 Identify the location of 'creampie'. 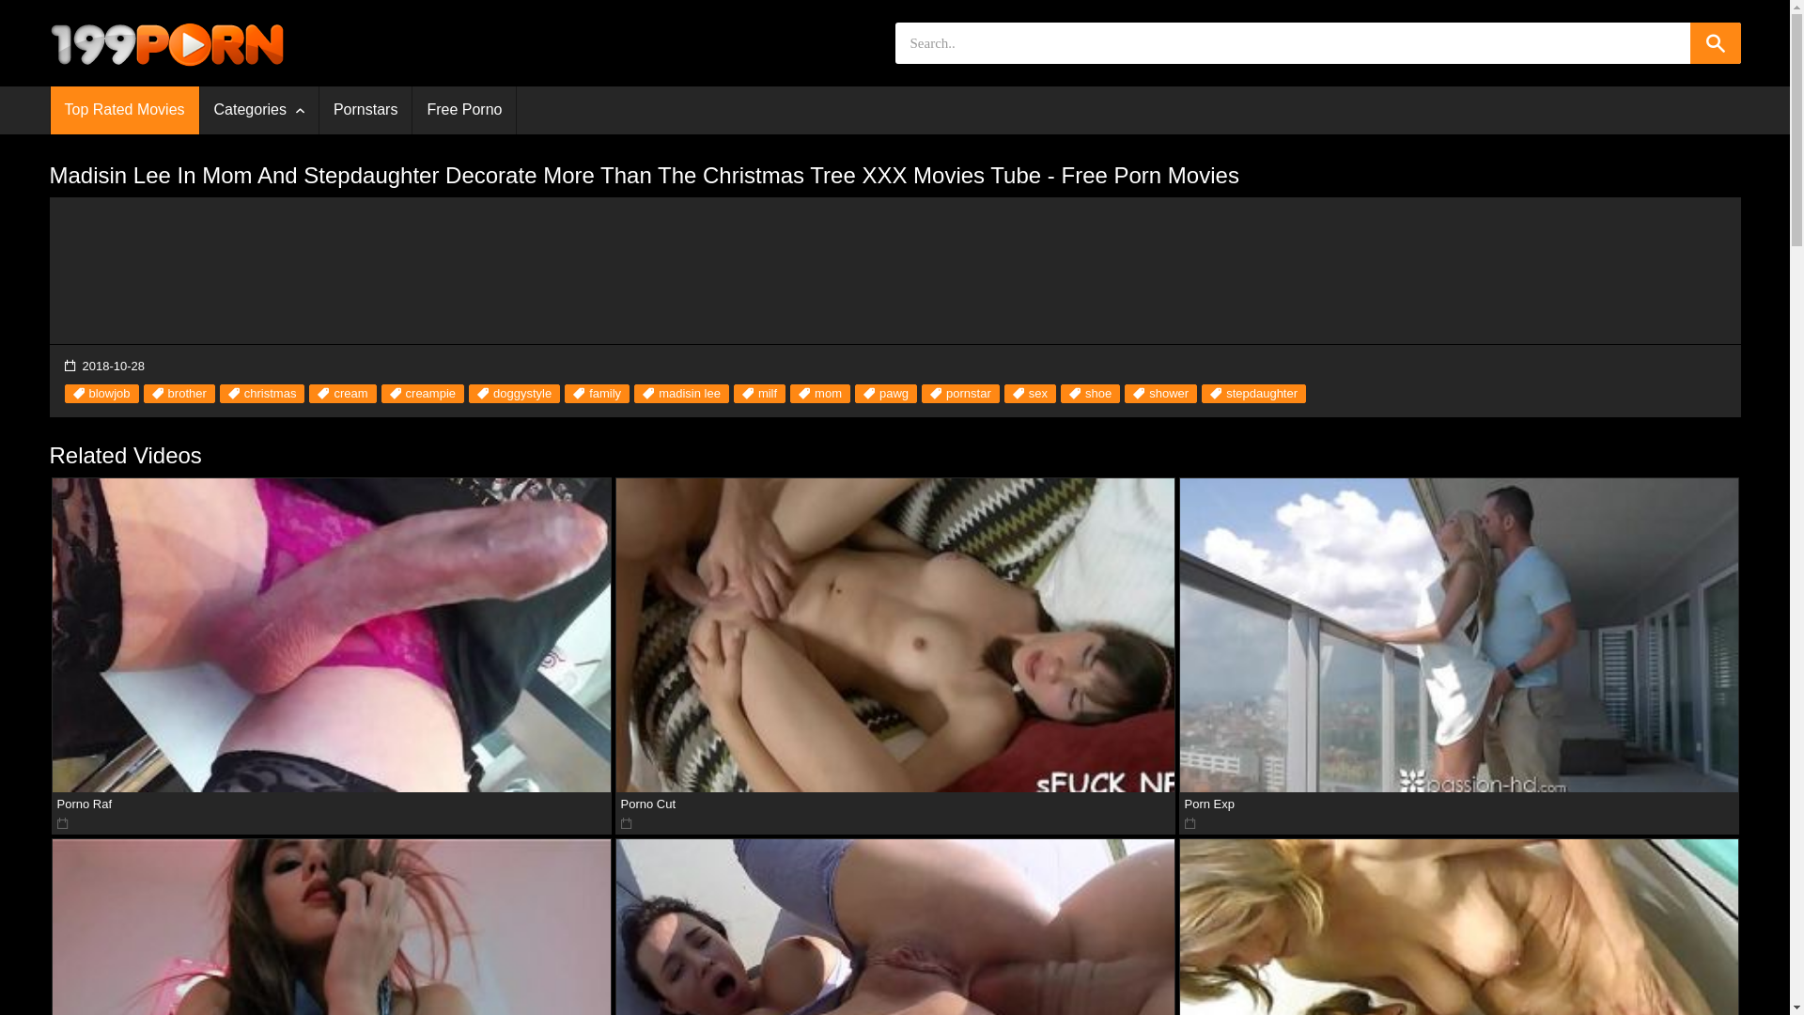
(422, 393).